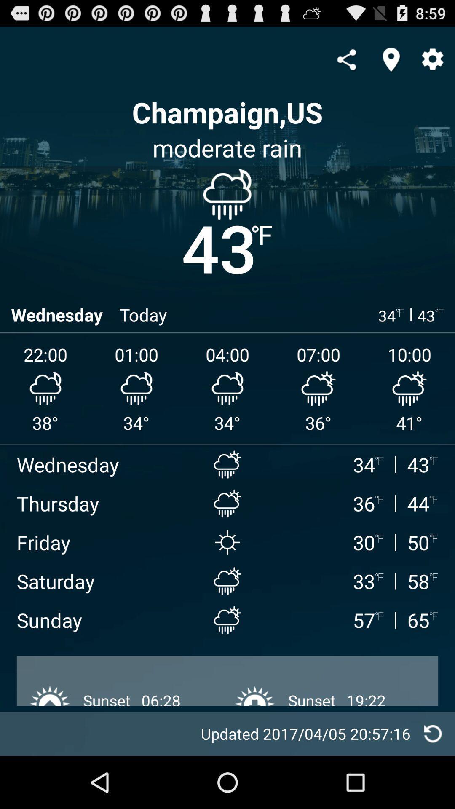  I want to click on reload, so click(433, 733).